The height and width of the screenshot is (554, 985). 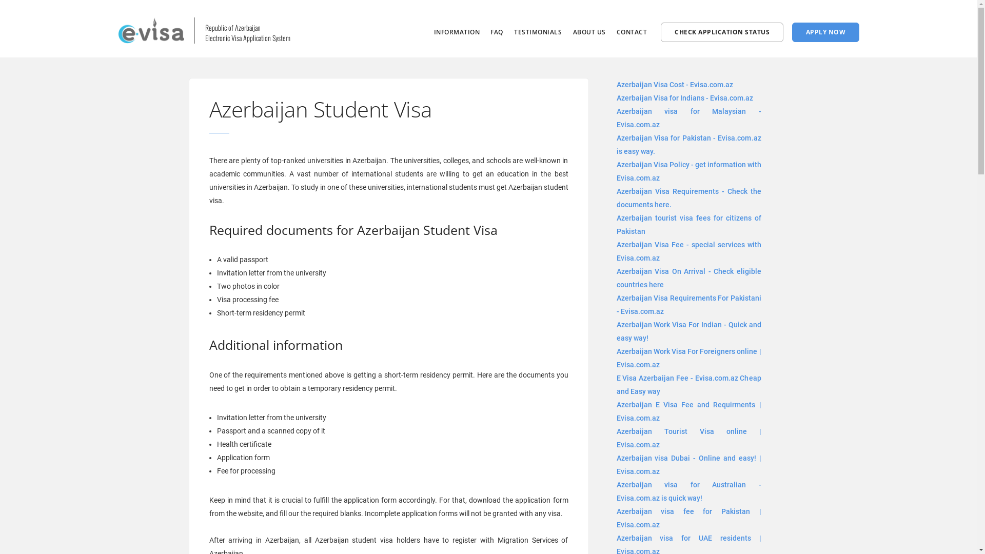 What do you see at coordinates (689, 117) in the screenshot?
I see `'Azerbaijan visa for Malaysian - Evisa.com.az'` at bounding box center [689, 117].